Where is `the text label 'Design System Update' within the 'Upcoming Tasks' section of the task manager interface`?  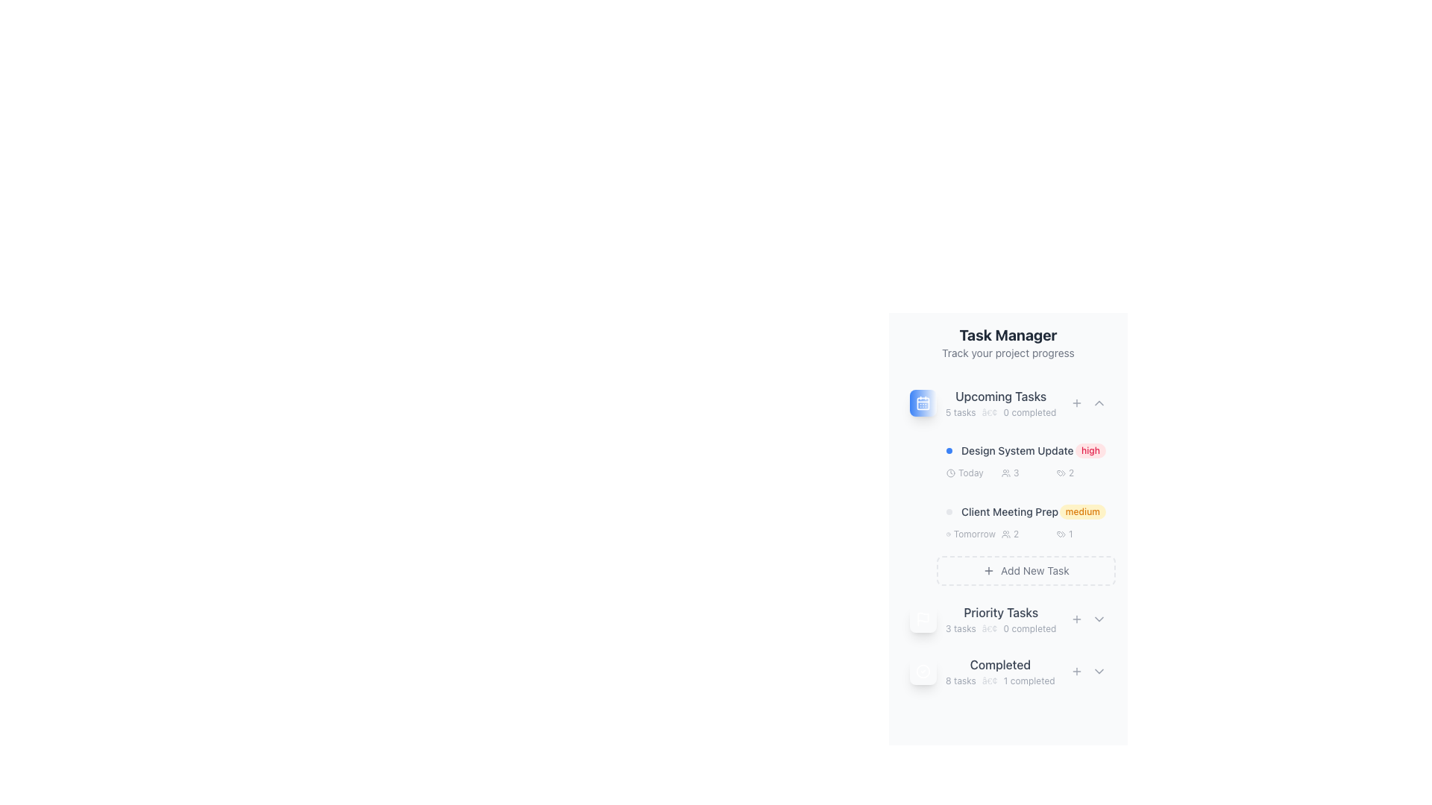 the text label 'Design System Update' within the 'Upcoming Tasks' section of the task manager interface is located at coordinates (1017, 450).